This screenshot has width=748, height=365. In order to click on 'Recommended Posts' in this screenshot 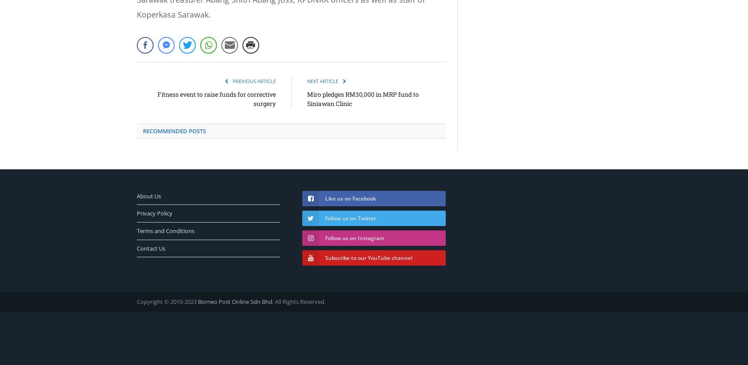, I will do `click(174, 130)`.